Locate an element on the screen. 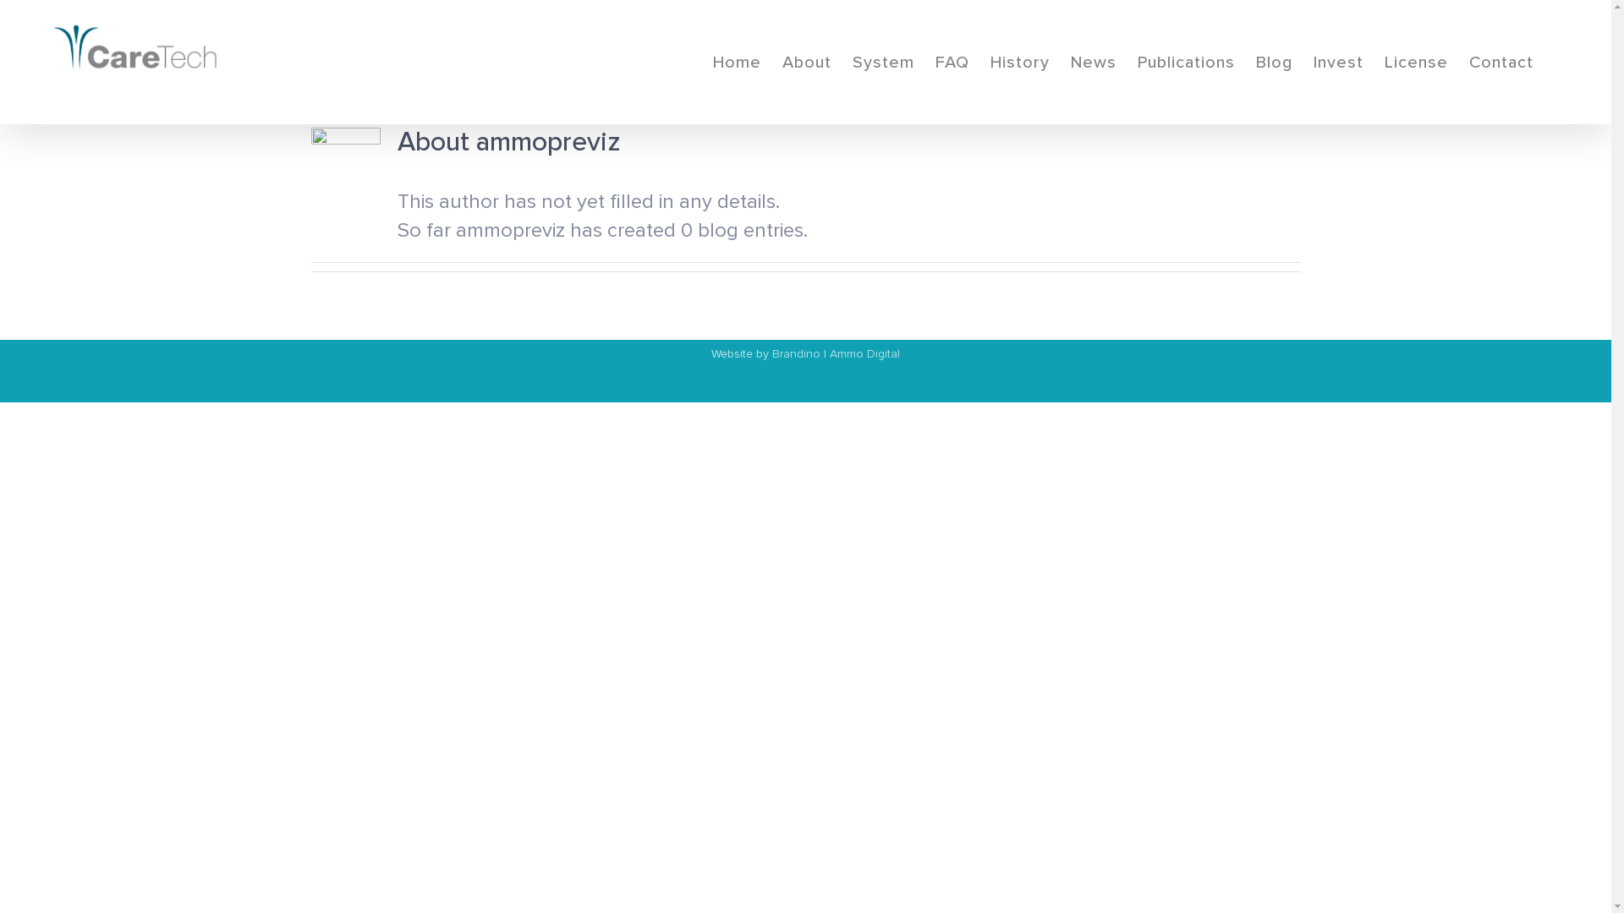  'System' is located at coordinates (882, 61).